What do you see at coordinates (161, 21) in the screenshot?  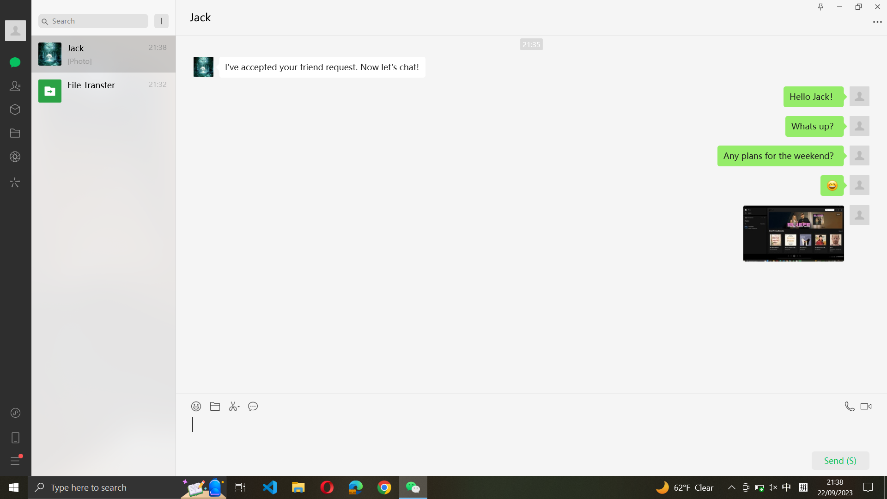 I see `Activate the new chat function` at bounding box center [161, 21].